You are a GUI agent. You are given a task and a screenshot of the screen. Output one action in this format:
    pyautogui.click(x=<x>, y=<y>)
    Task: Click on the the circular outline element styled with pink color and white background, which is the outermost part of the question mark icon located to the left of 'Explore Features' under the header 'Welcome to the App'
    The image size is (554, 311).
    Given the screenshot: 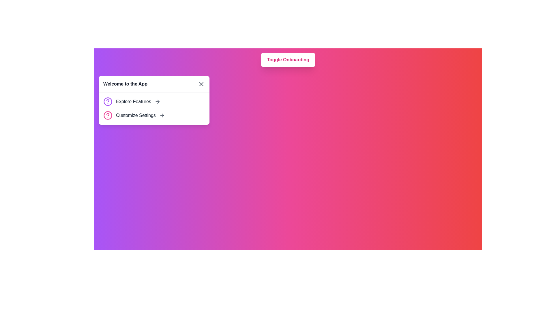 What is the action you would take?
    pyautogui.click(x=108, y=115)
    